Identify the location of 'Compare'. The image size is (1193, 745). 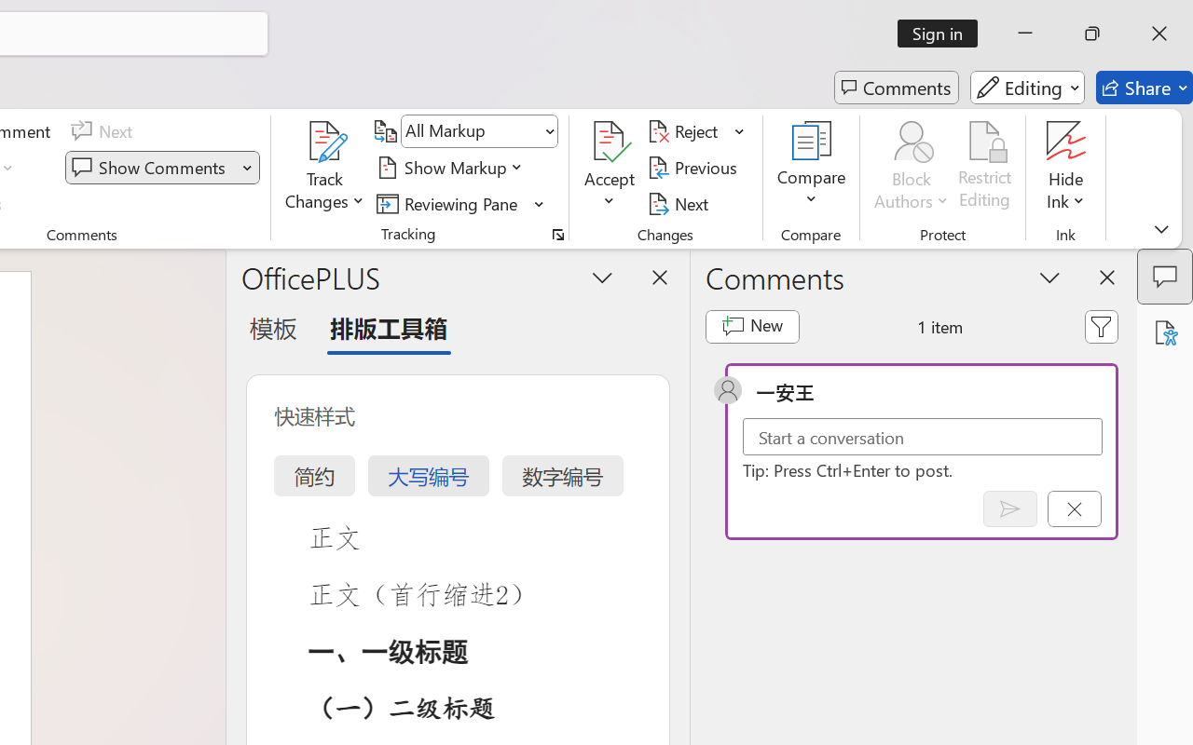
(812, 167).